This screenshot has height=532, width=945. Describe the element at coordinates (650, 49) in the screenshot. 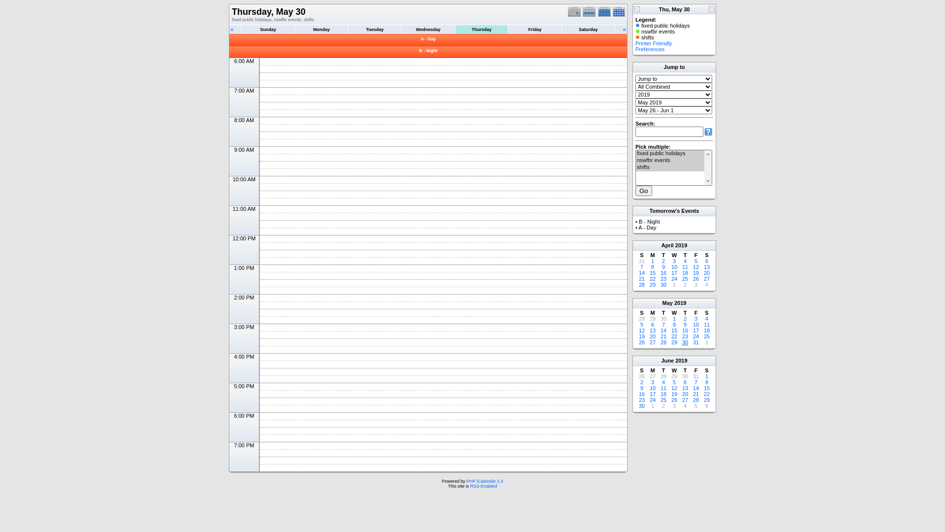

I see `'Preferences'` at that location.